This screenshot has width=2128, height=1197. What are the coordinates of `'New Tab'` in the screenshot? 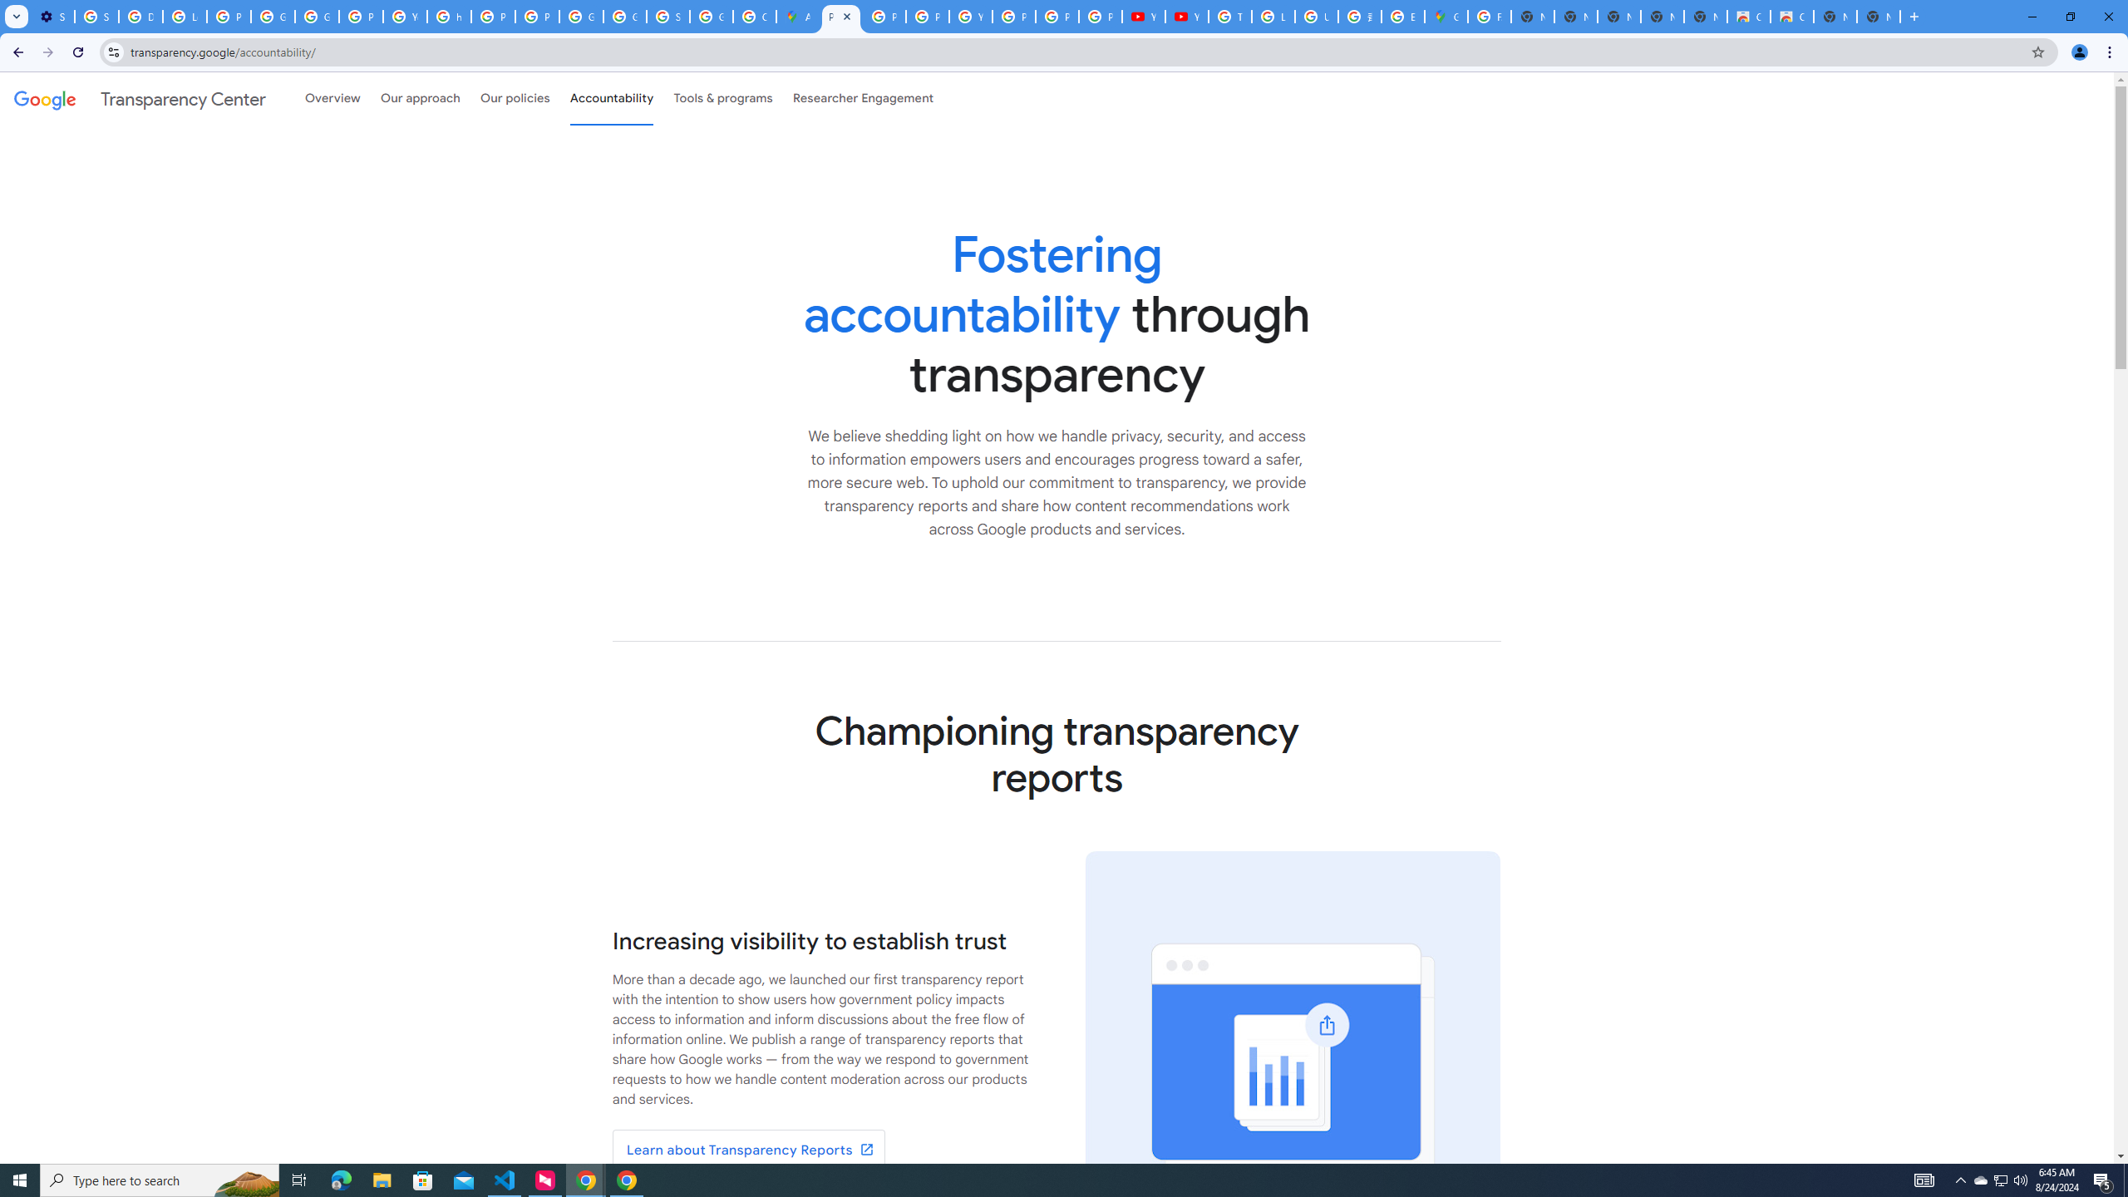 It's located at (1877, 16).